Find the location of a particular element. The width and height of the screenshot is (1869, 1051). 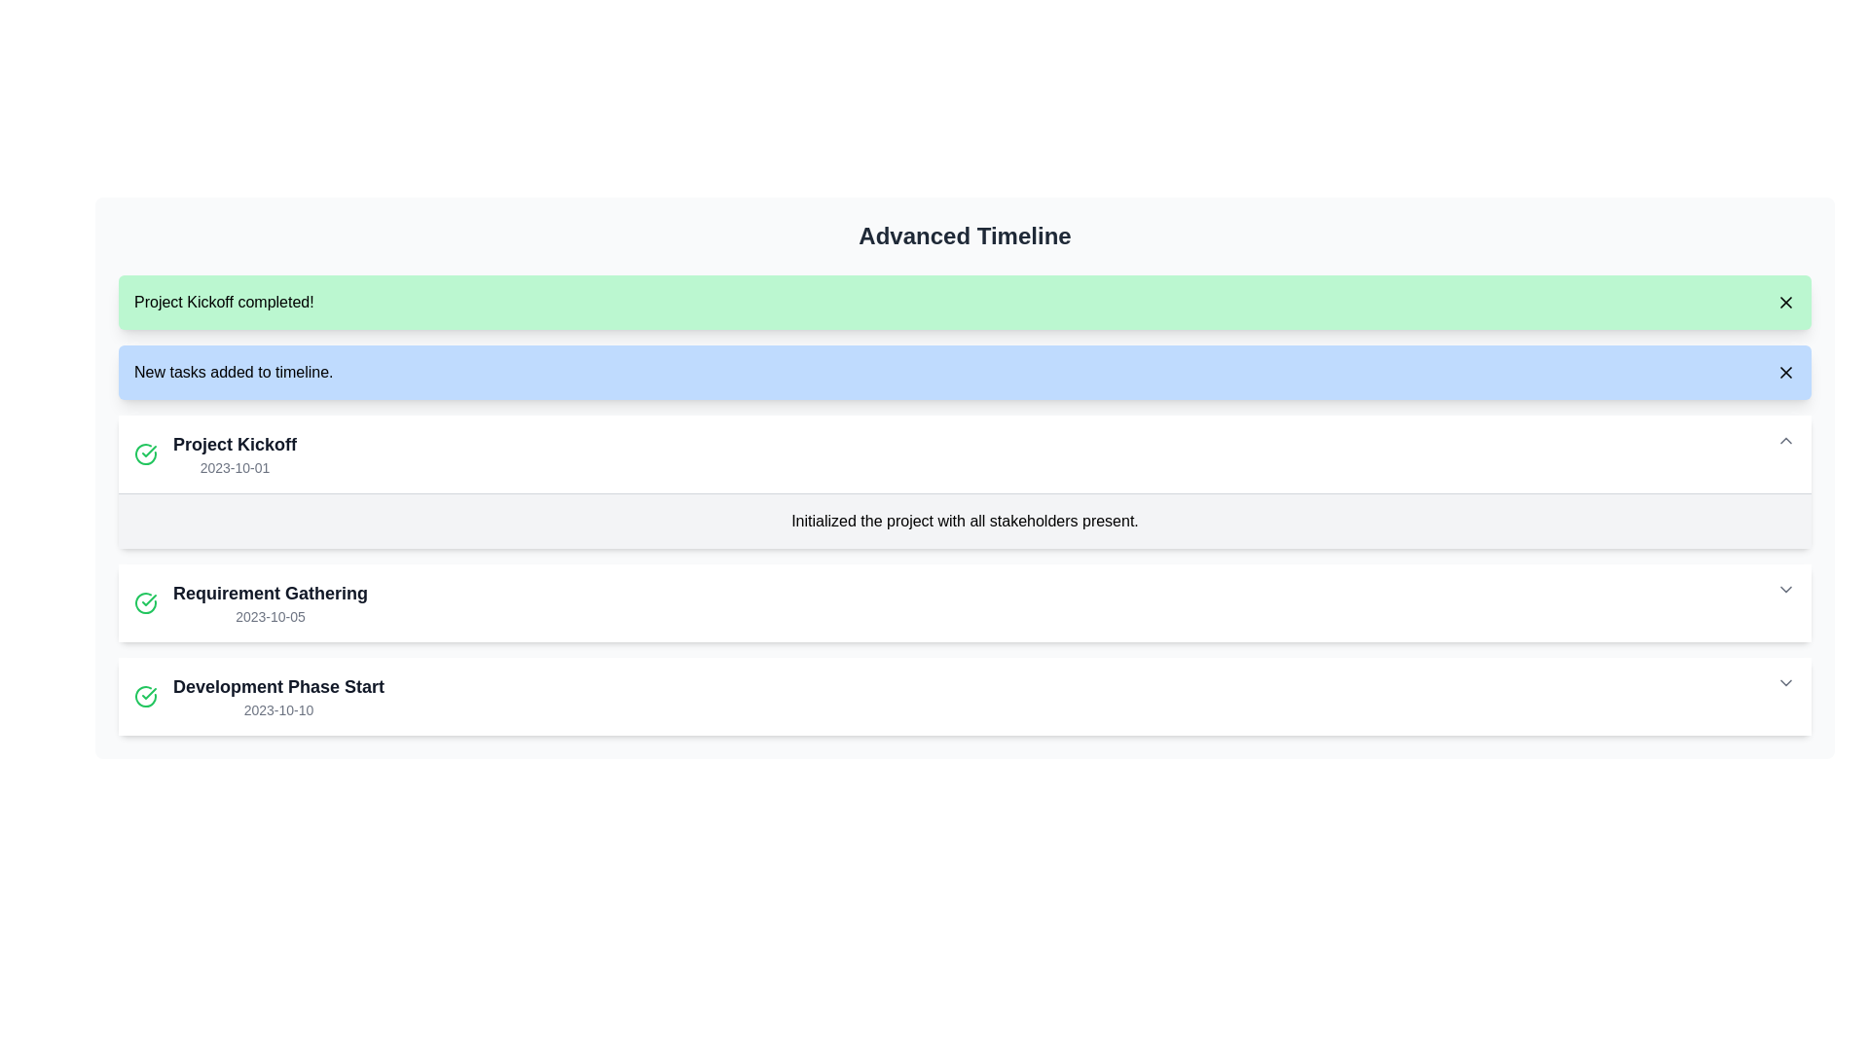

the close or dismiss button located at the far right of the blue notification bar in the timeline section is located at coordinates (1785, 372).